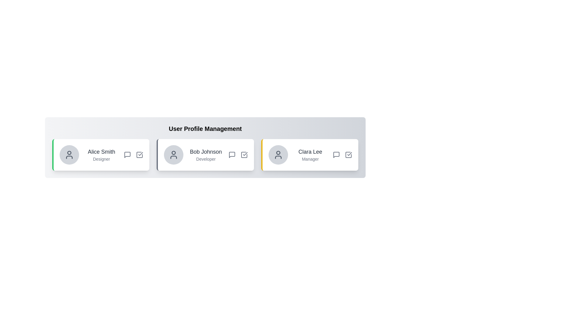  What do you see at coordinates (69, 154) in the screenshot?
I see `the user profile icon featuring a person-like figure inside a circle, located within the leftmost profile card labeled 'Alice Smith'` at bounding box center [69, 154].